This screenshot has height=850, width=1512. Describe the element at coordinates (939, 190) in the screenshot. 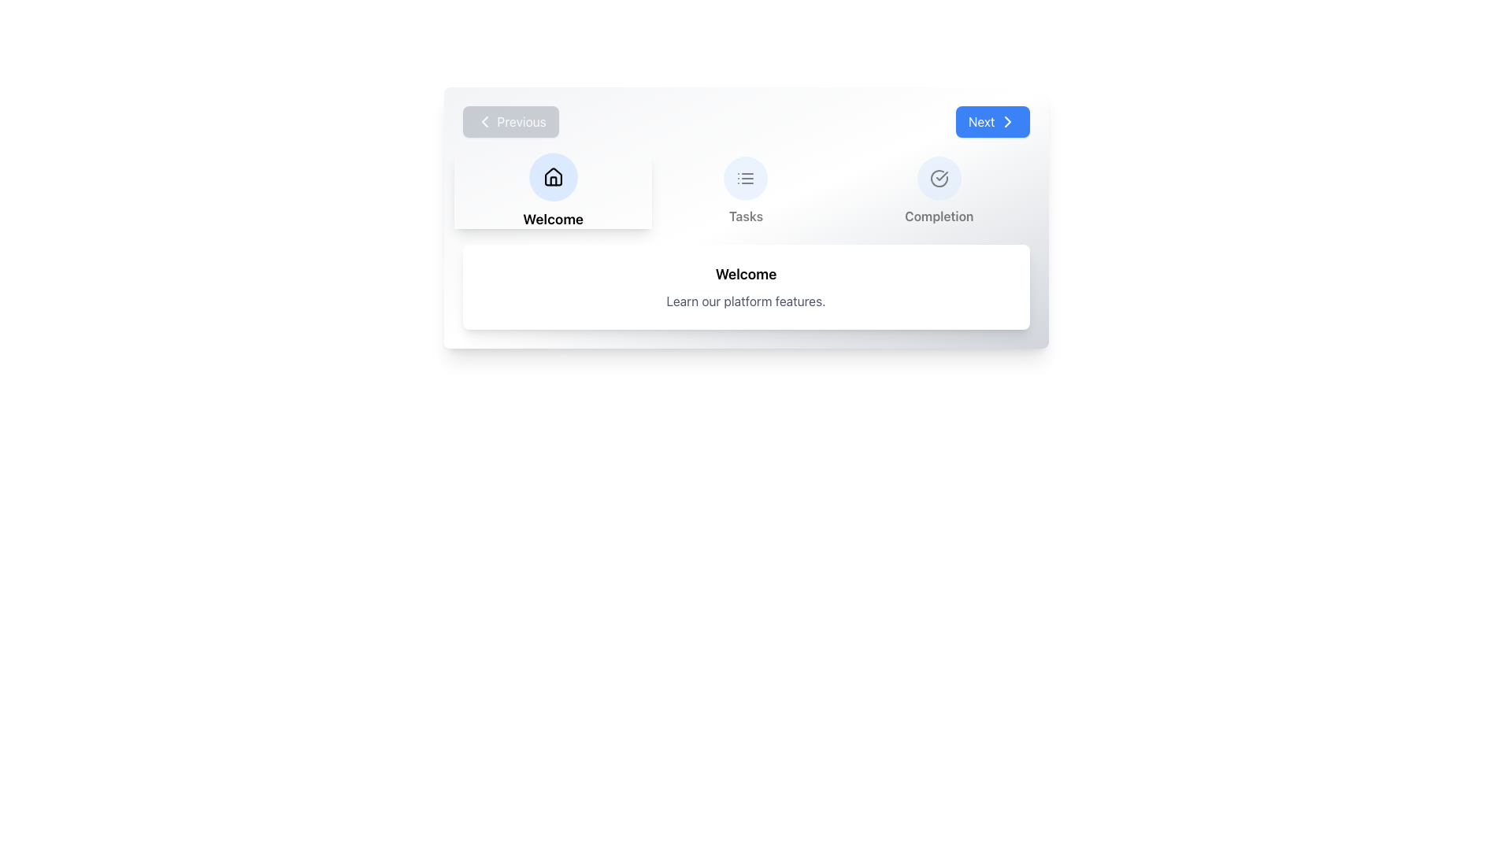

I see `the 'Completion' interactive card in the navigation section` at that location.